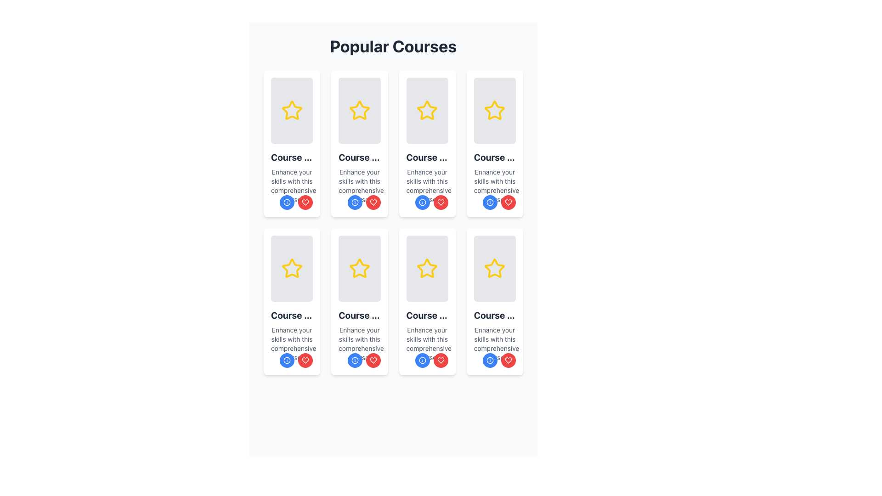 The image size is (882, 496). I want to click on the heart icon located at the bottom right corner of the second course card in the second row of the grid layout to favorite the course, so click(373, 360).